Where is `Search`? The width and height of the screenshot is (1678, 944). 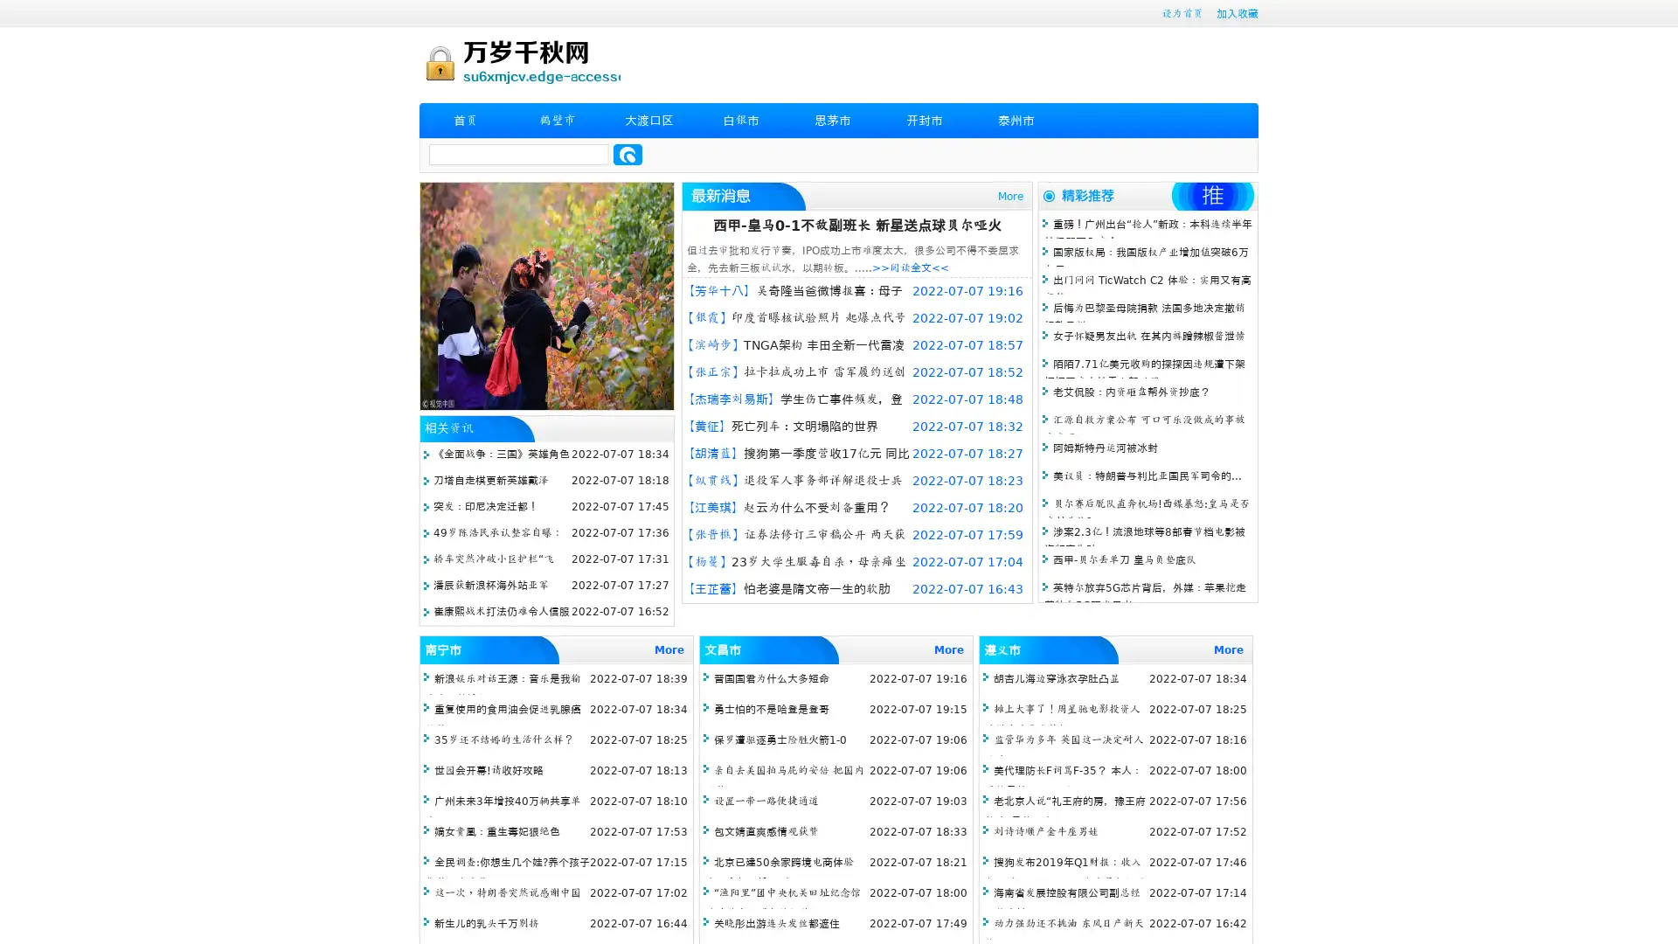 Search is located at coordinates (628, 154).